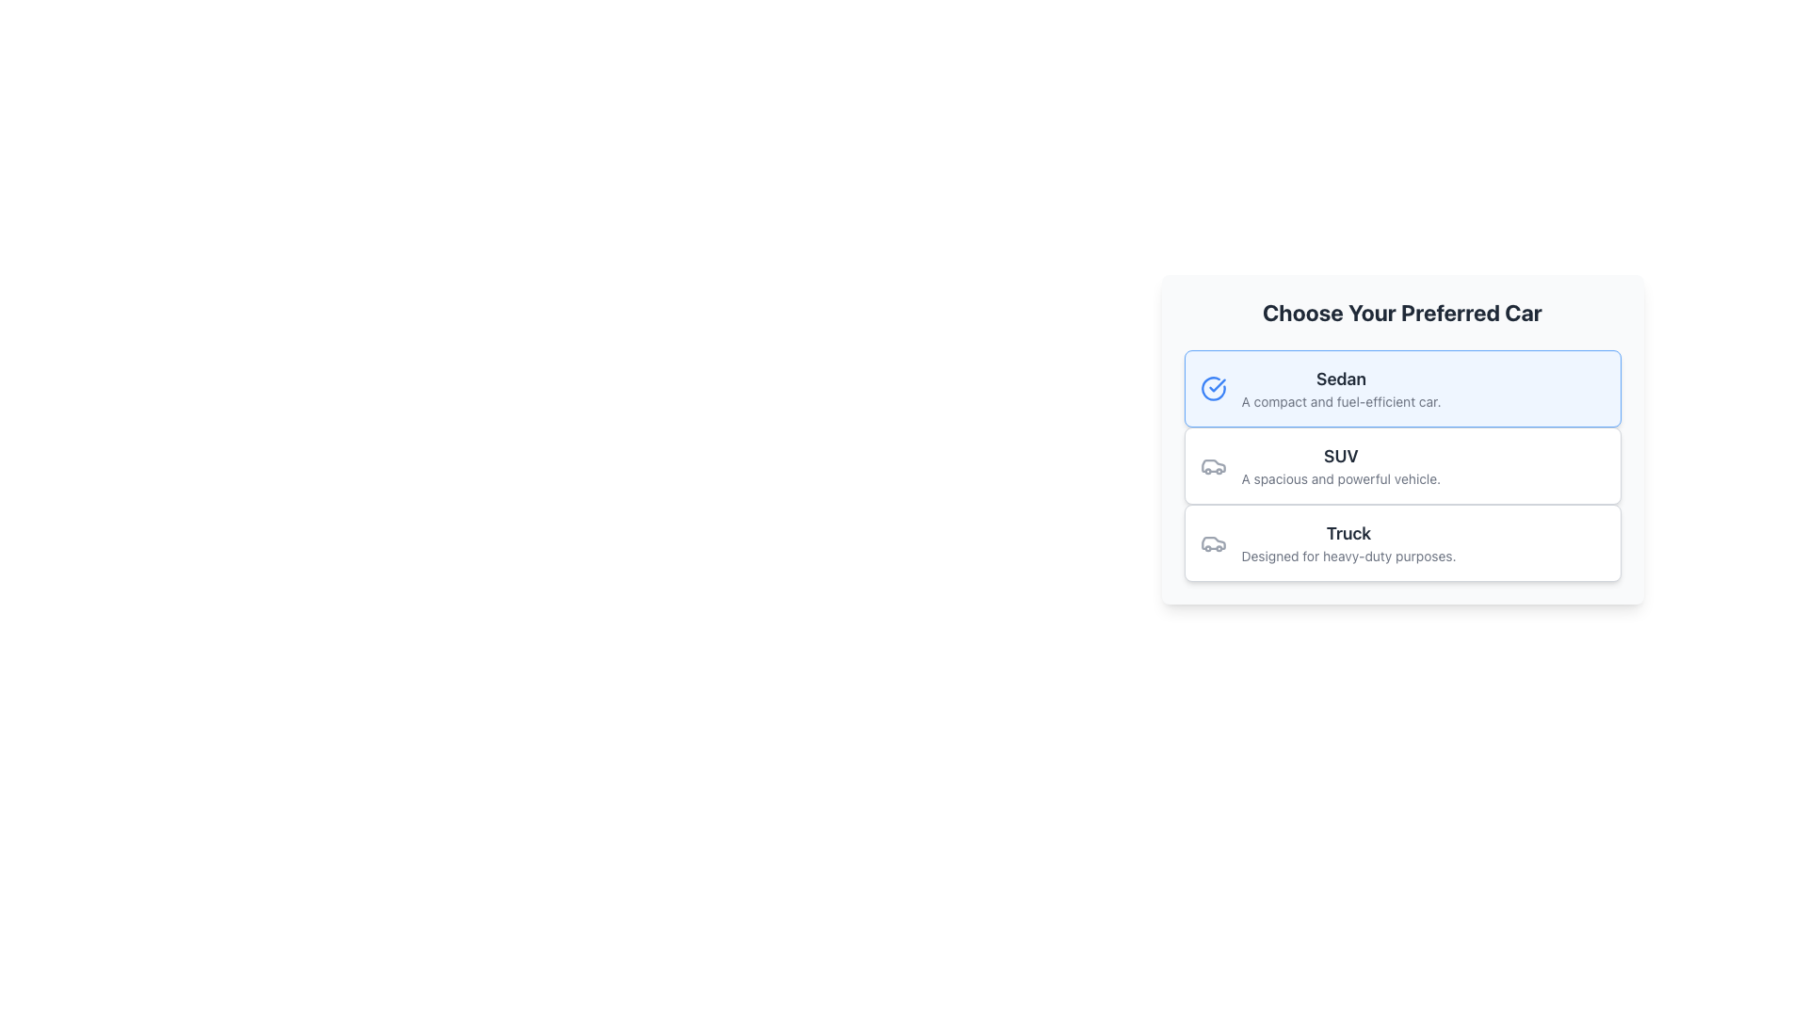 Image resolution: width=1808 pixels, height=1017 pixels. What do you see at coordinates (1213, 387) in the screenshot?
I see `the status indicated by the blue checkmark icon located in the top-left corner of the 'Sedan' card, which is the first selectable option in the list` at bounding box center [1213, 387].